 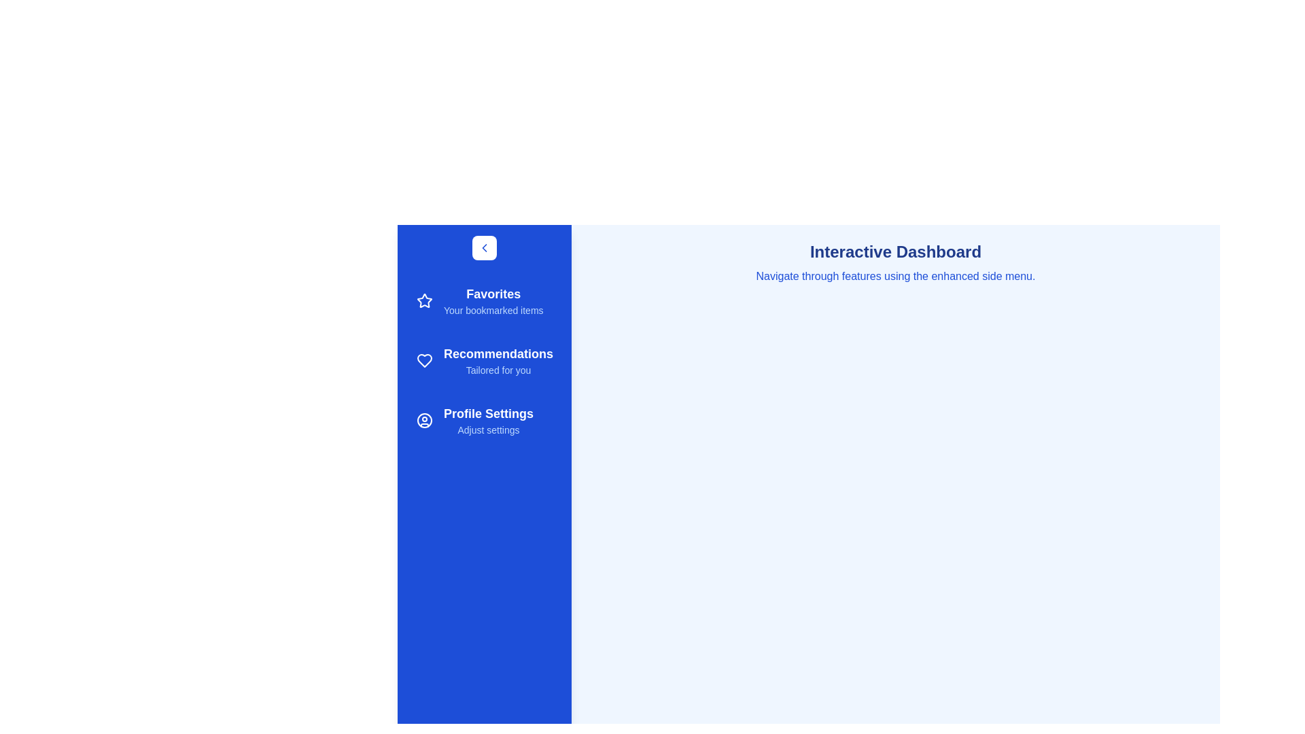 I want to click on the sidebar item labeled Recommendations to observe its hover effect, so click(x=485, y=360).